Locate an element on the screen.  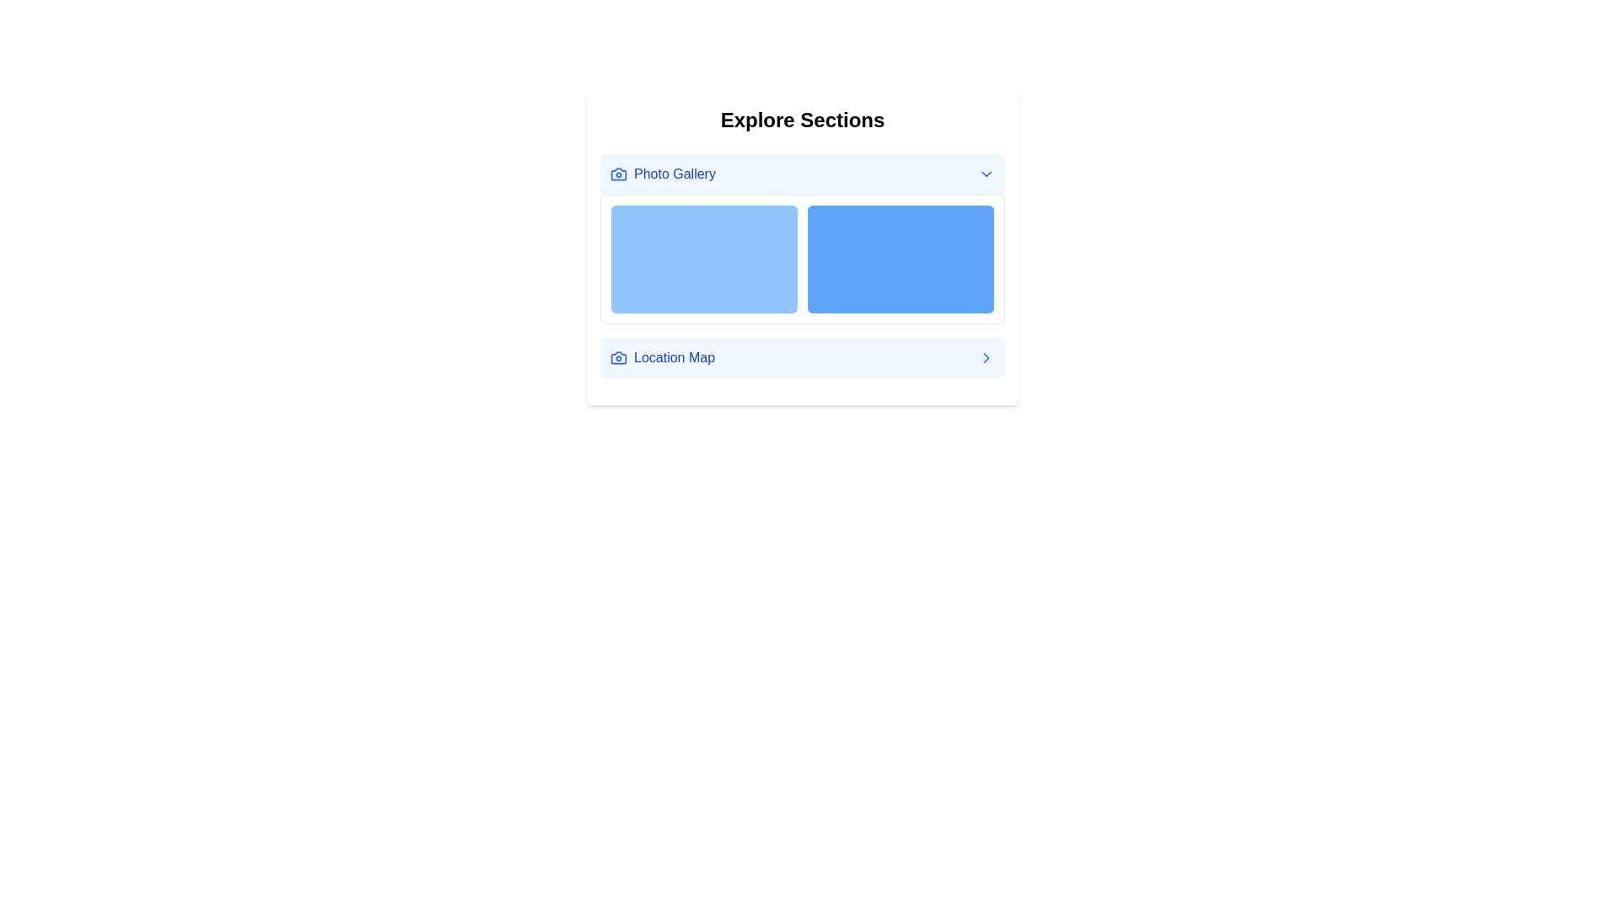
the dropdown arrow in the 'Photo Gallery' section is located at coordinates (987, 174).